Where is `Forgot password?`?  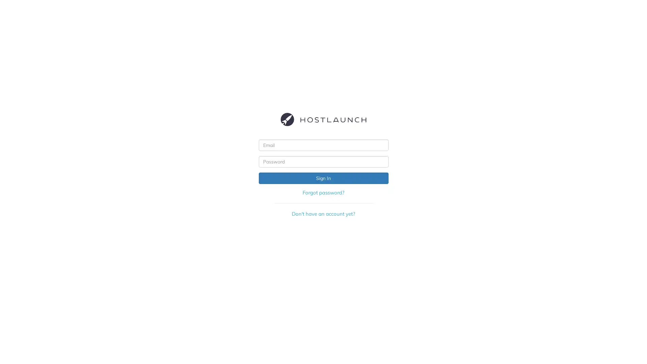 Forgot password? is located at coordinates (323, 192).